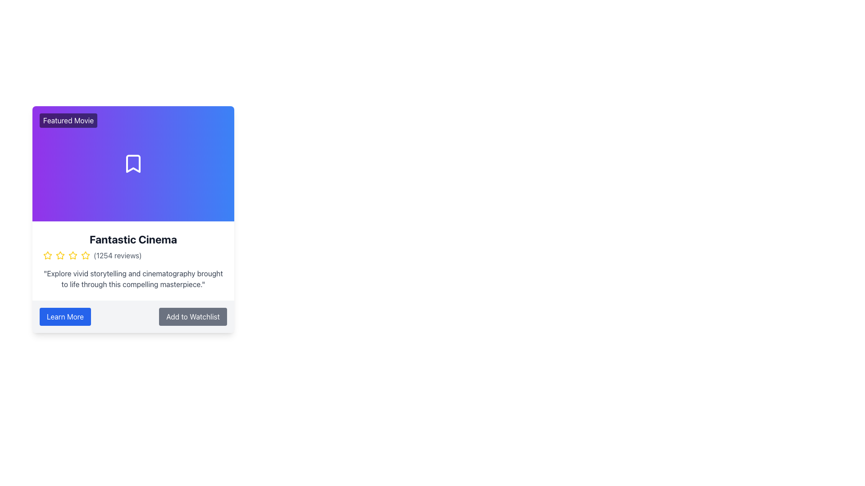  Describe the element at coordinates (47, 255) in the screenshot. I see `the second star-shaped rating icon with a yellow outline located in the rating section below the 'Fantastic Cinema' title to change the rating` at that location.